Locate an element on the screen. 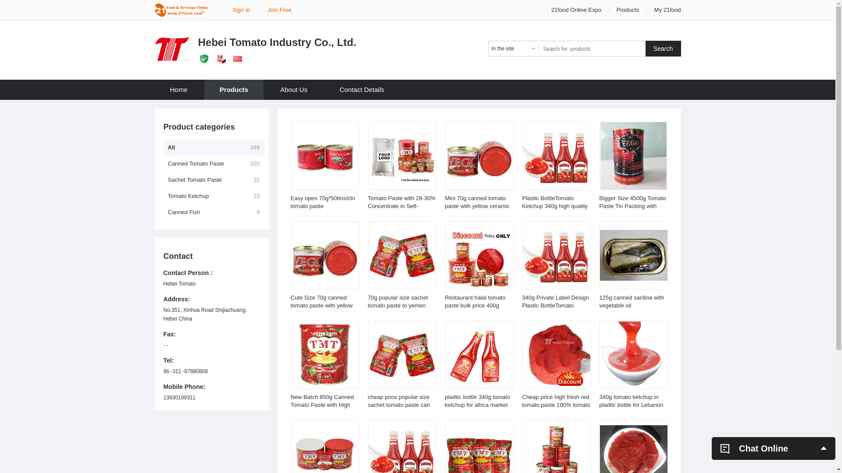 This screenshot has height=473, width=842. 'pladtic bottle 340g tomato ketchup for africa market' is located at coordinates (444, 401).